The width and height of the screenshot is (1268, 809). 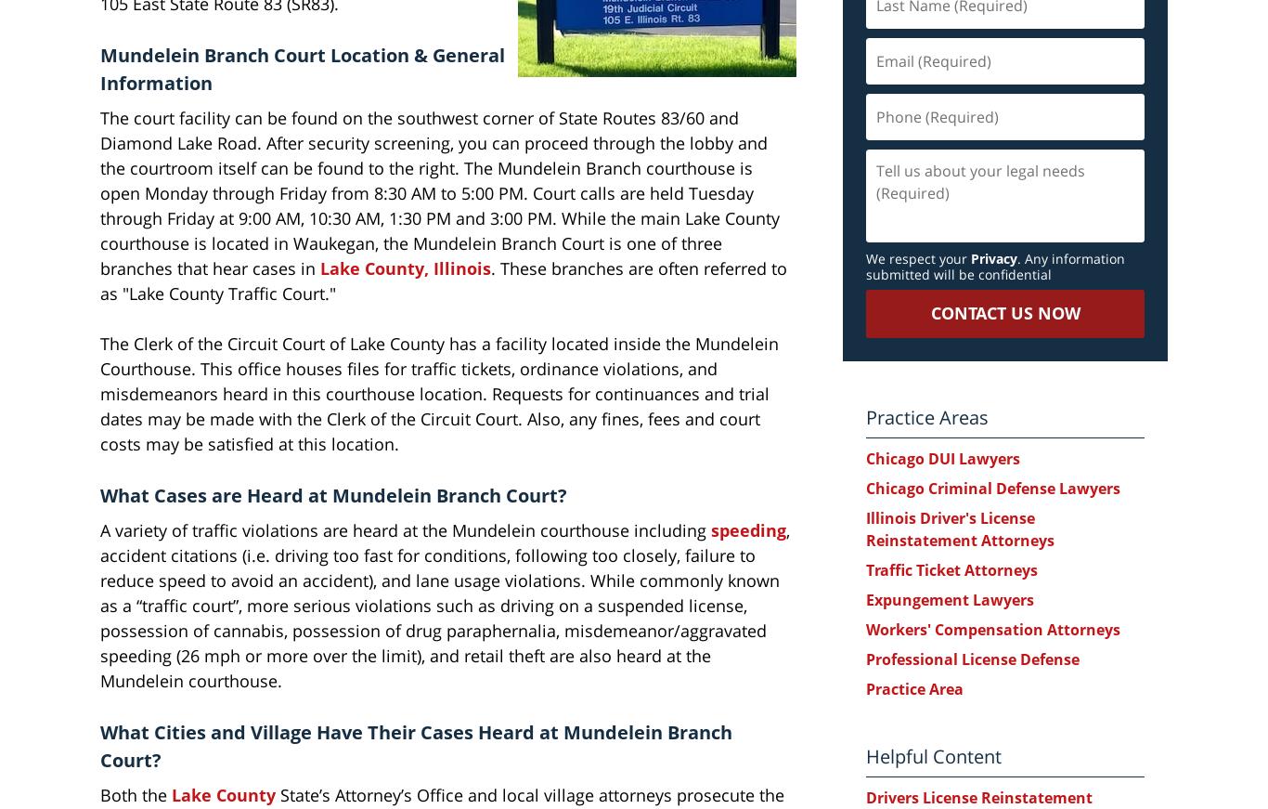 I want to click on 'Traffic Ticket Attorneys', so click(x=951, y=568).